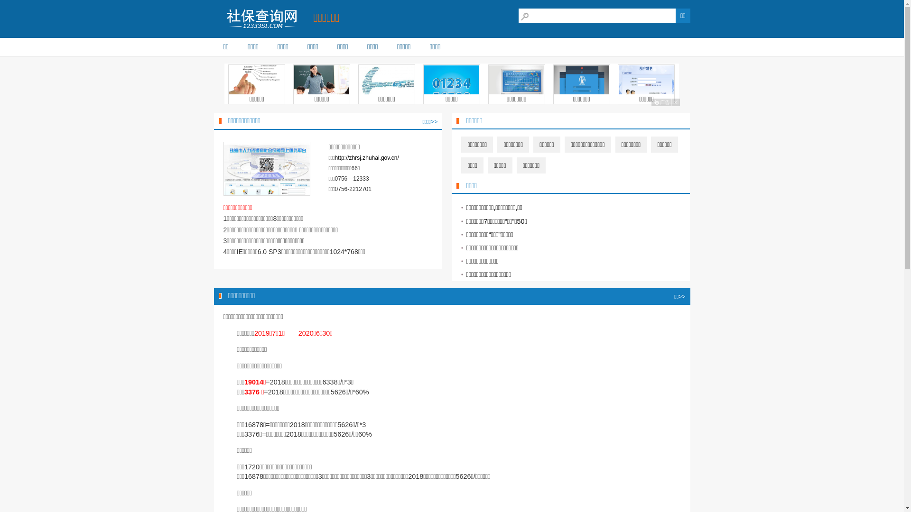 This screenshot has height=512, width=911. What do you see at coordinates (335, 157) in the screenshot?
I see `'http://zhrsj.zhuhai.gov.cn/'` at bounding box center [335, 157].